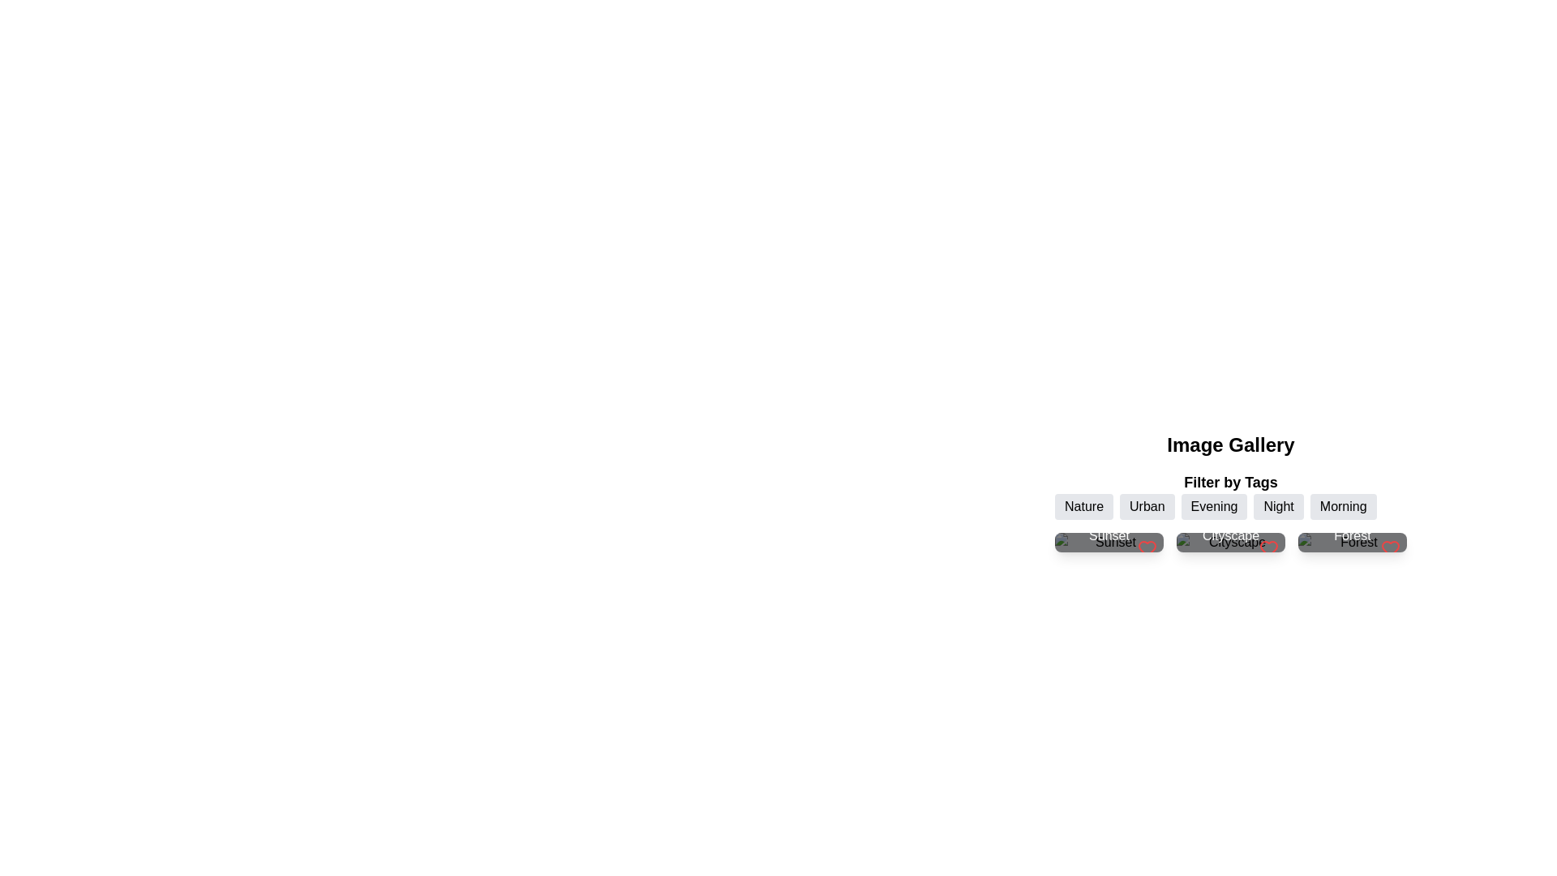  Describe the element at coordinates (1353, 535) in the screenshot. I see `the text label displaying the word 'Forest' which is positioned on a semi-transparent black background at the bottom of a rectangular image thumbnail` at that location.